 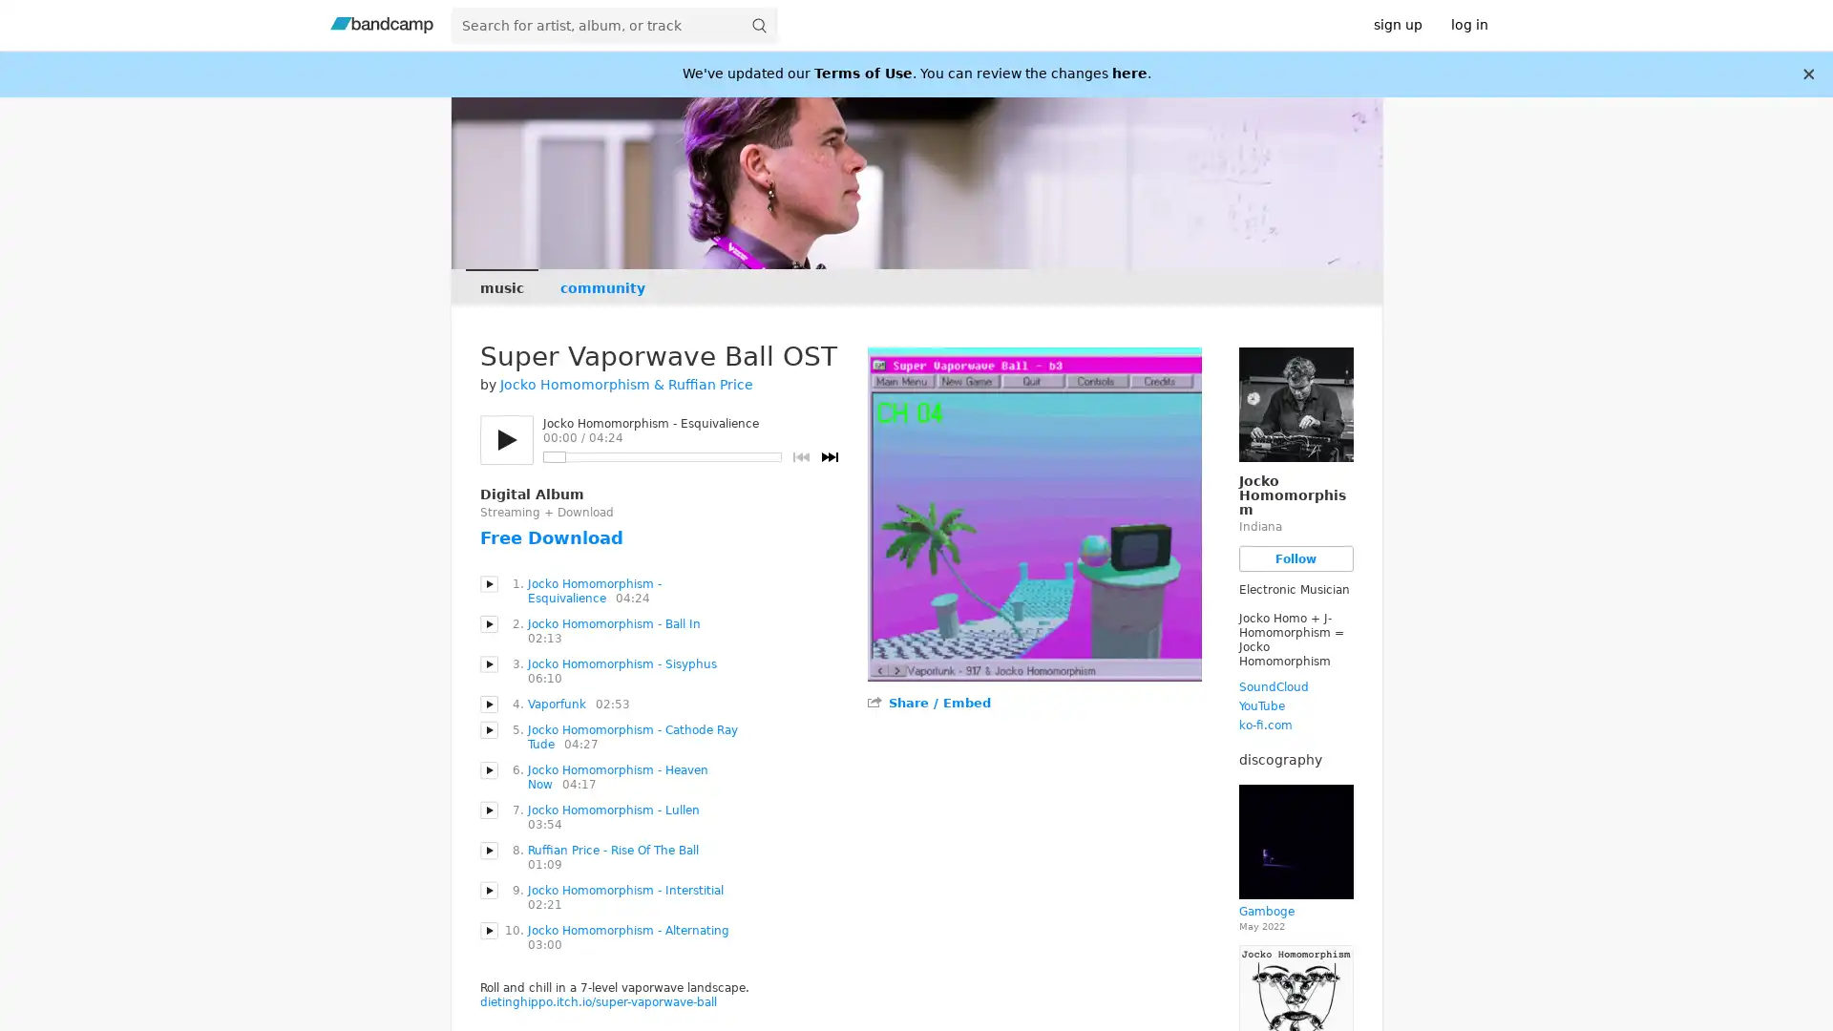 What do you see at coordinates (829, 456) in the screenshot?
I see `Next track` at bounding box center [829, 456].